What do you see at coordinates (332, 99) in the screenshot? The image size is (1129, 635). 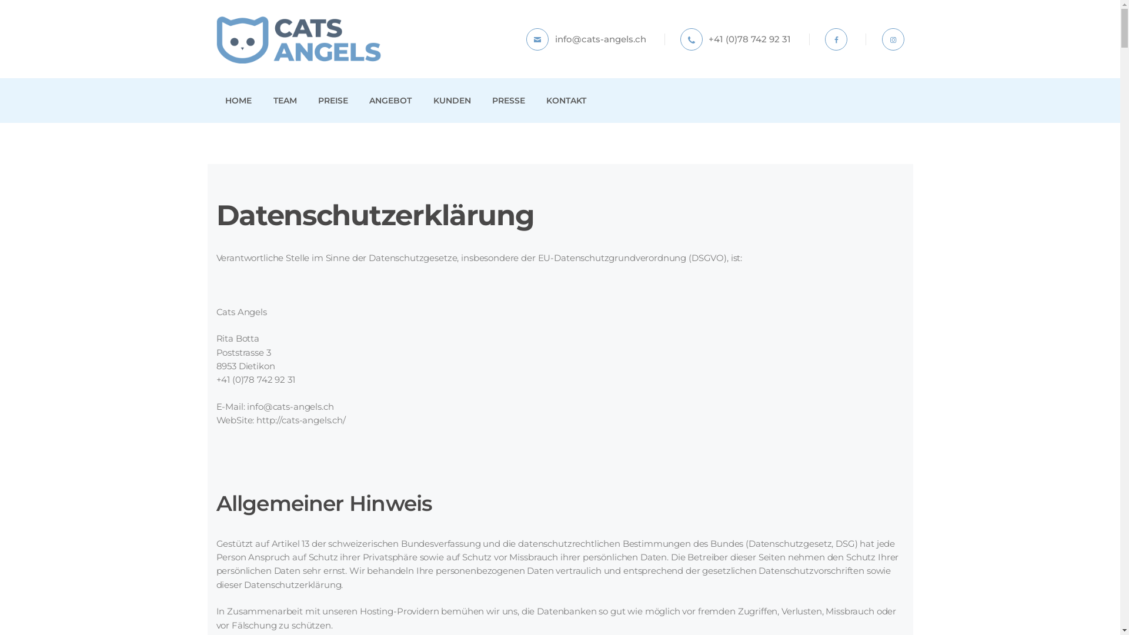 I see `'PREISE'` at bounding box center [332, 99].